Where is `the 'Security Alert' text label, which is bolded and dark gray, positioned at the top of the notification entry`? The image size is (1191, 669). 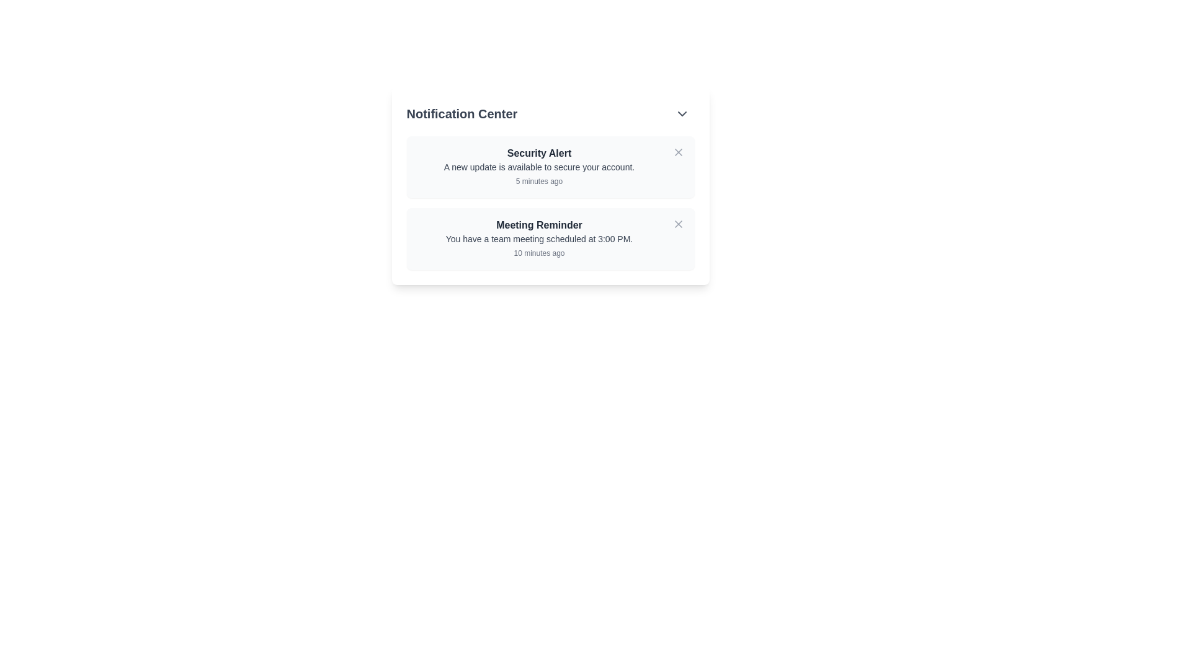
the 'Security Alert' text label, which is bolded and dark gray, positioned at the top of the notification entry is located at coordinates (539, 152).